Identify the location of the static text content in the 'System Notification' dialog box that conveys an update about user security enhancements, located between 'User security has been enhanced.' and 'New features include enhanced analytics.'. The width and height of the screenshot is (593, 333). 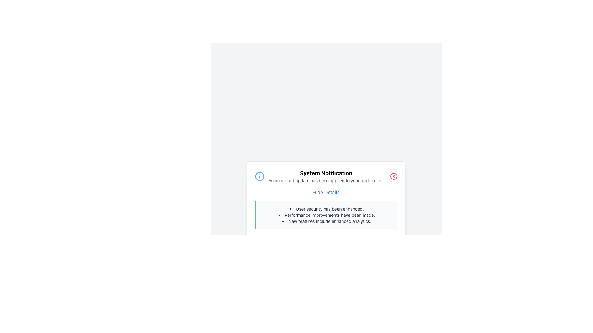
(326, 215).